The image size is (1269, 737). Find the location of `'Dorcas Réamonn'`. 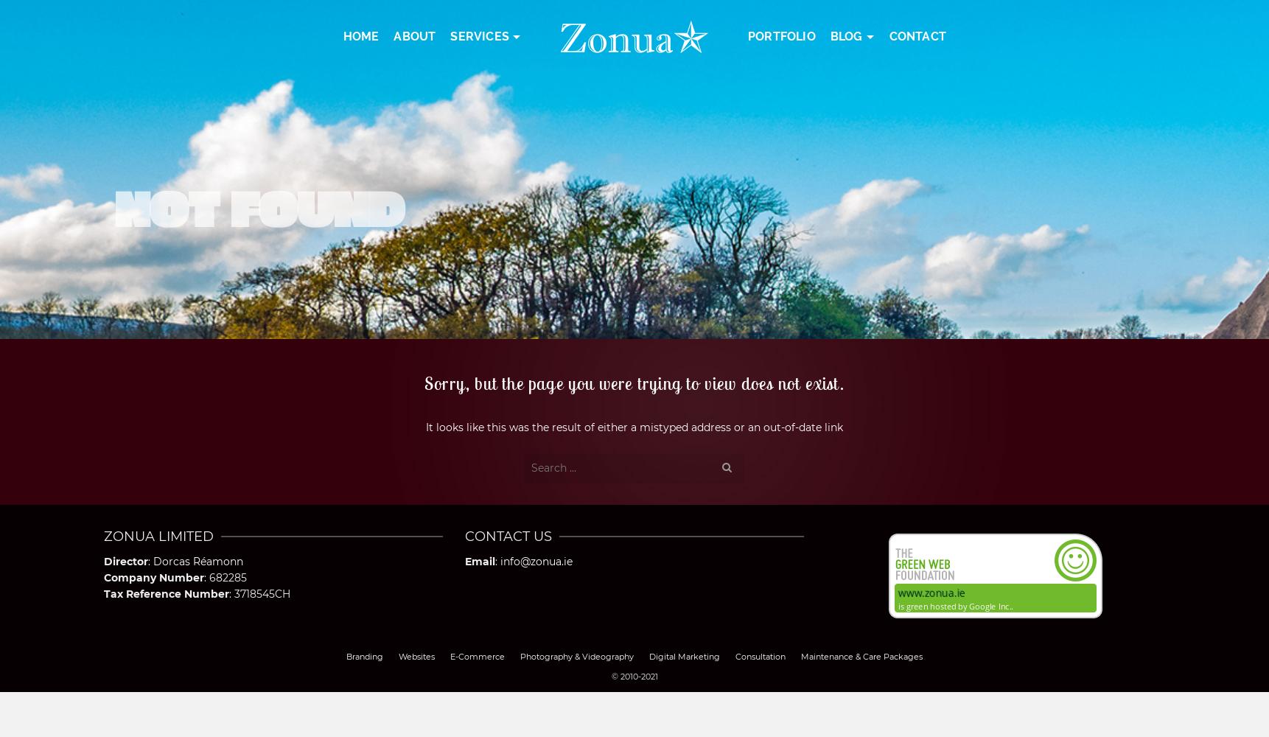

'Dorcas Réamonn' is located at coordinates (197, 561).